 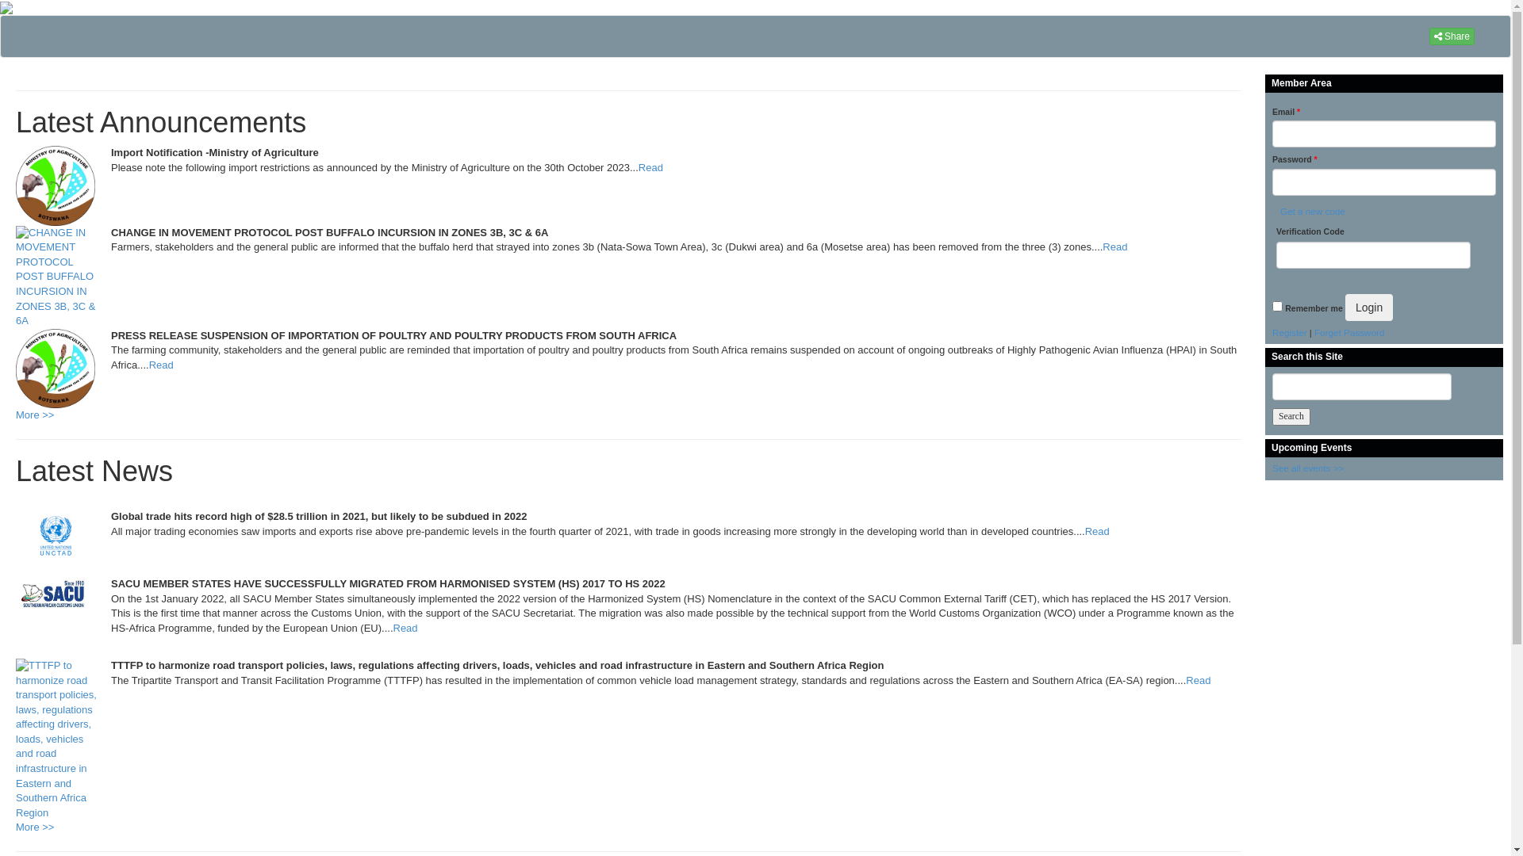 What do you see at coordinates (1114, 246) in the screenshot?
I see `'Read'` at bounding box center [1114, 246].